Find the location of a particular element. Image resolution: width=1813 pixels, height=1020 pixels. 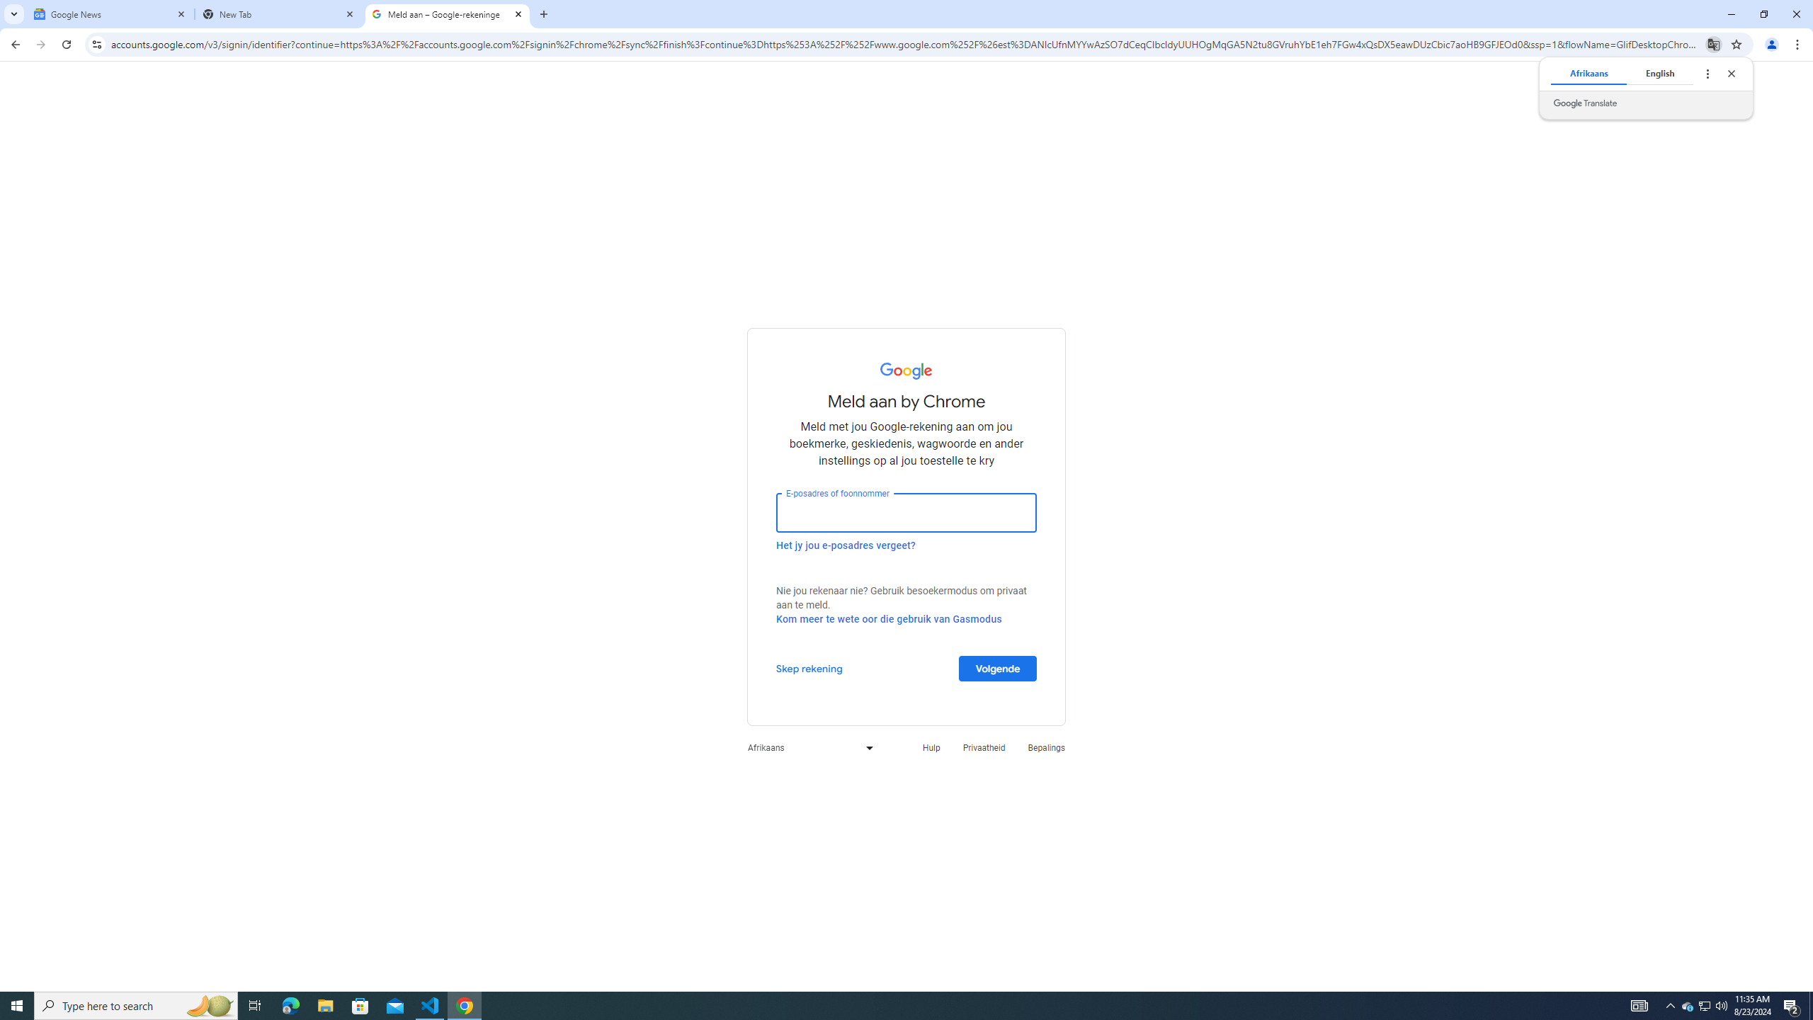

'Het jy jou e-posadres vergeet?' is located at coordinates (846, 545).